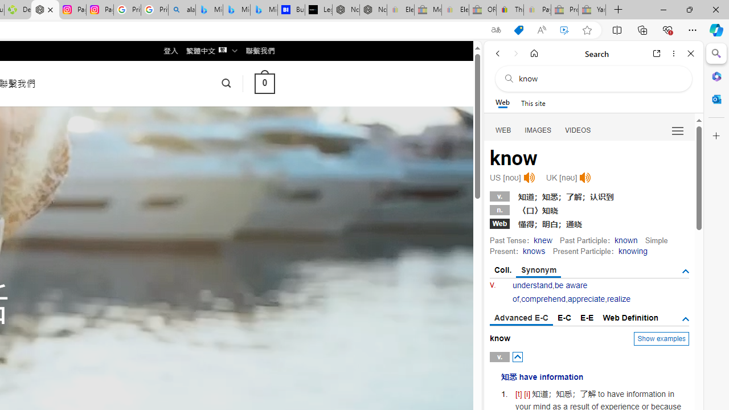  I want to click on 'Advanced E-C', so click(521, 318).